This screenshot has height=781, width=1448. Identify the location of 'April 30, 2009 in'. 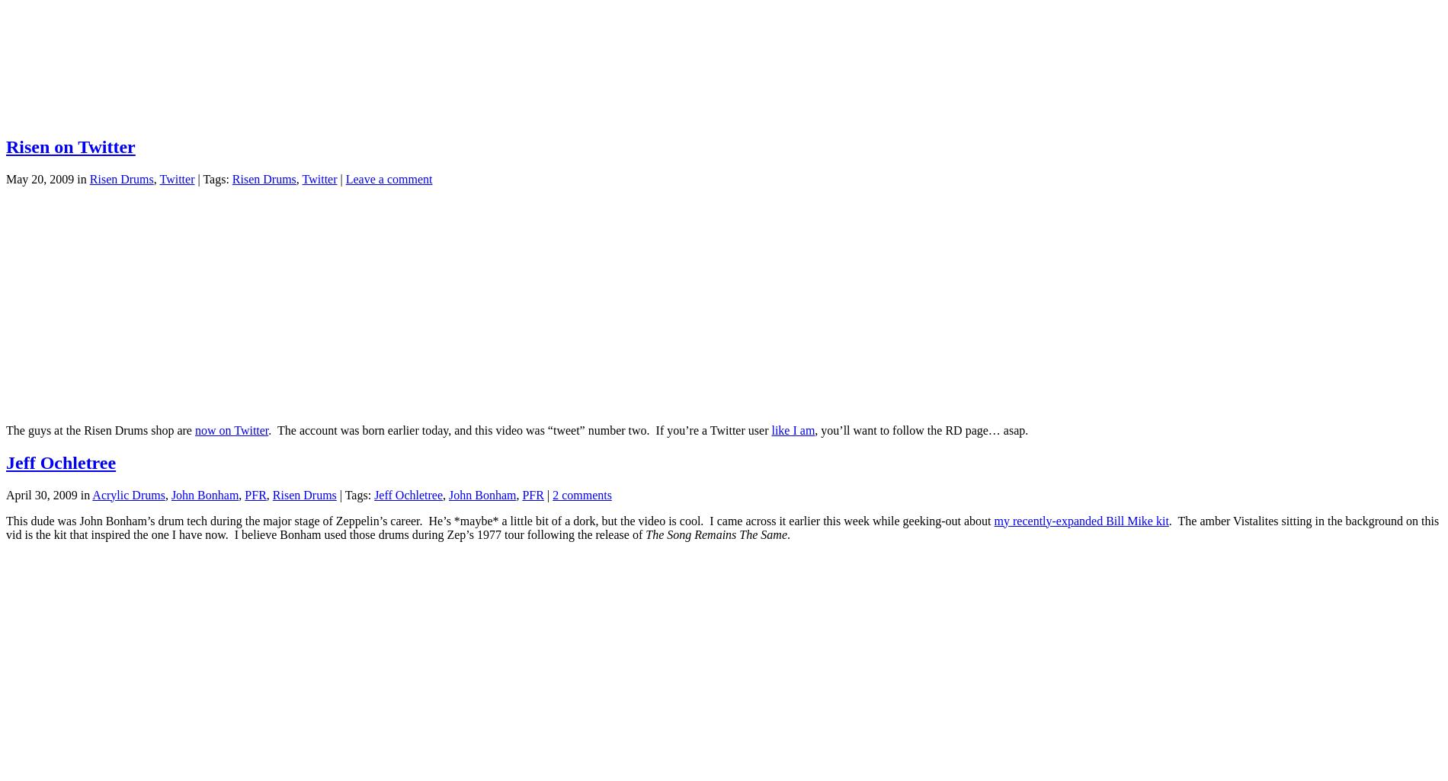
(5, 494).